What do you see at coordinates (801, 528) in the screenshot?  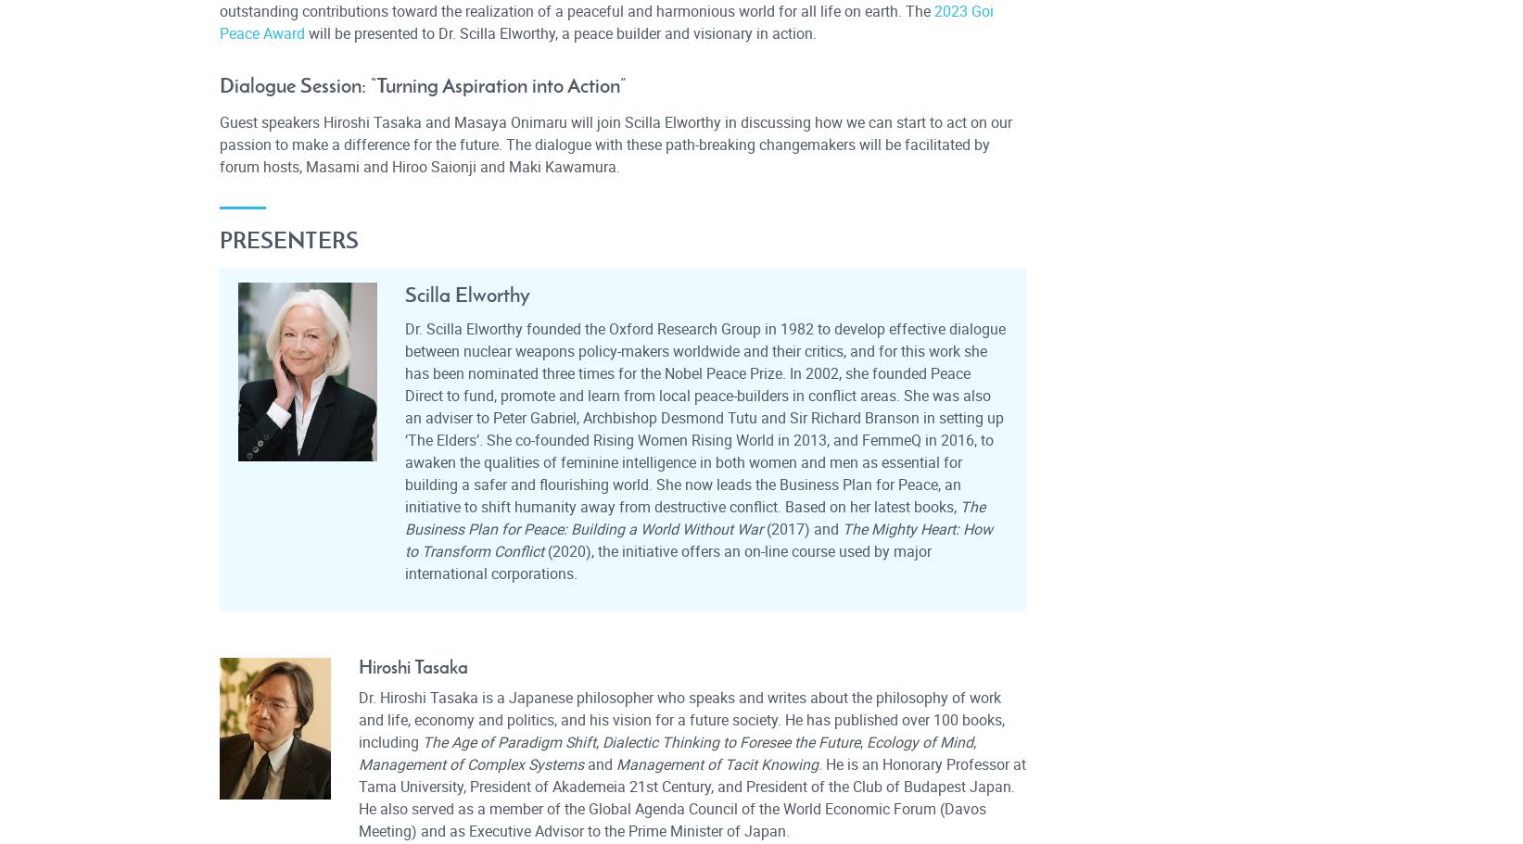 I see `'(2017) and'` at bounding box center [801, 528].